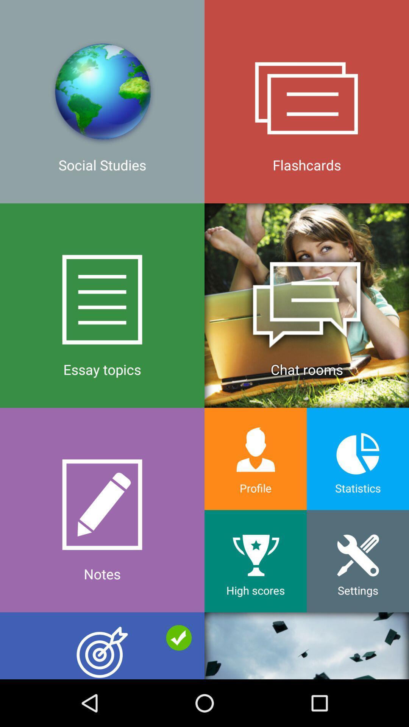  Describe the element at coordinates (307, 305) in the screenshot. I see `item above notes icon` at that location.